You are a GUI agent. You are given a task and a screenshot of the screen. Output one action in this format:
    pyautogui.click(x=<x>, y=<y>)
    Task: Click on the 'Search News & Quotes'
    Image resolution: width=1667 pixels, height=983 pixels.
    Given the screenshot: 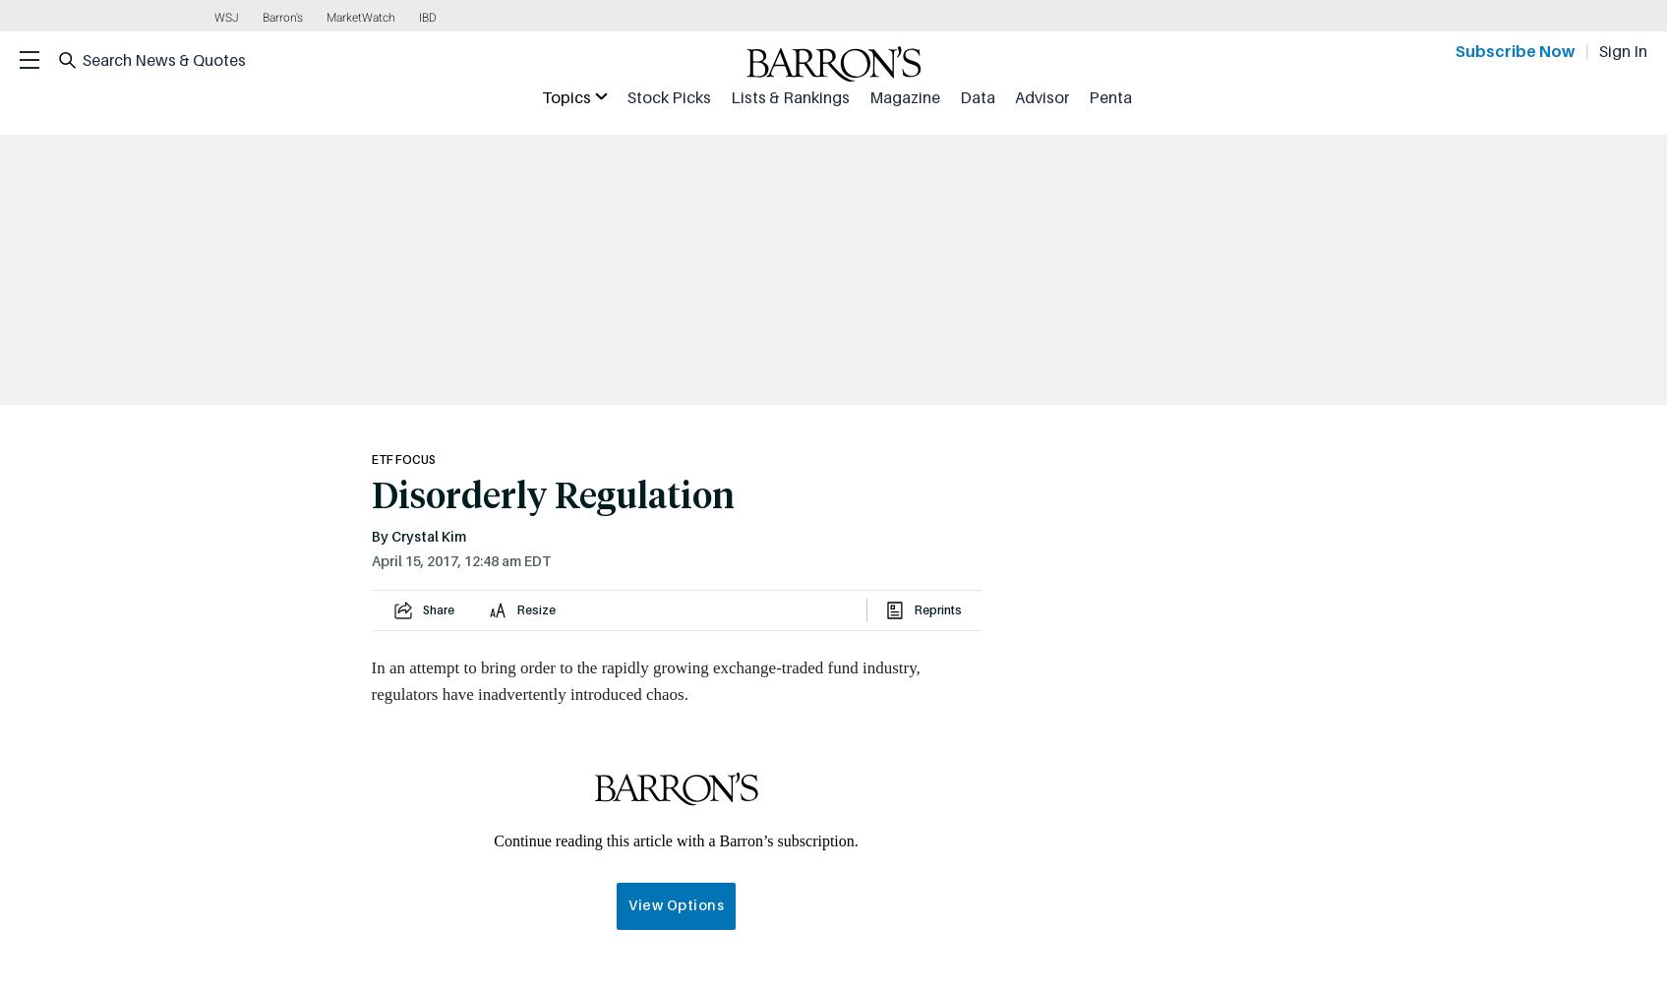 What is the action you would take?
    pyautogui.click(x=82, y=60)
    